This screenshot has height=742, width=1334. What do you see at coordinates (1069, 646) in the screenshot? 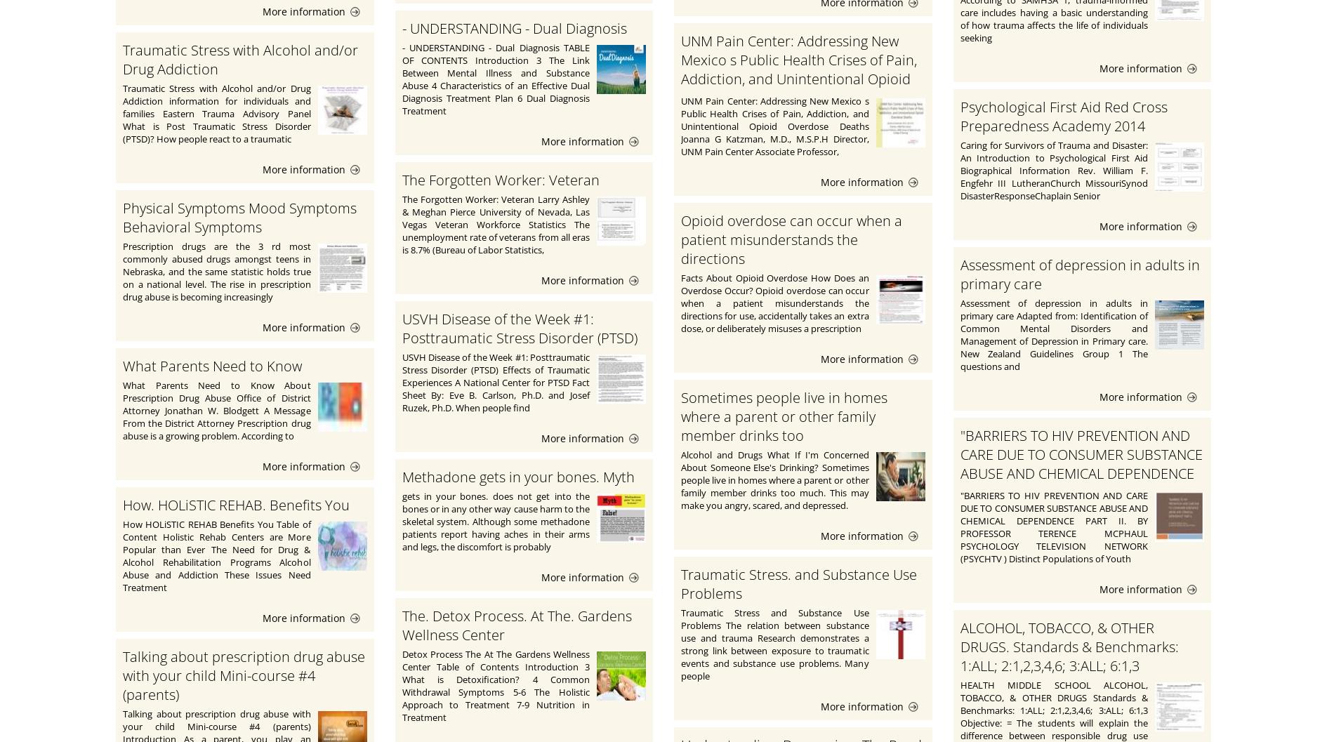
I see `'ALCOHOL, TOBACCO, & OTHER DRUGS. Standards & Benchmarks: 1:ALL; 2:1,2,3,4,6; 3:ALL; 6:1,3'` at bounding box center [1069, 646].